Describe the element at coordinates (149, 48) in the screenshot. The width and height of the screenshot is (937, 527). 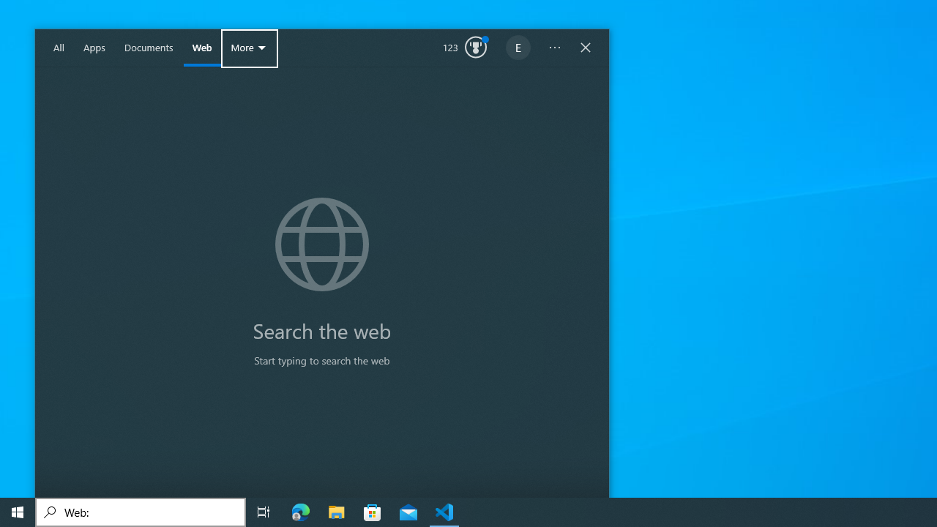
I see `'Documents'` at that location.